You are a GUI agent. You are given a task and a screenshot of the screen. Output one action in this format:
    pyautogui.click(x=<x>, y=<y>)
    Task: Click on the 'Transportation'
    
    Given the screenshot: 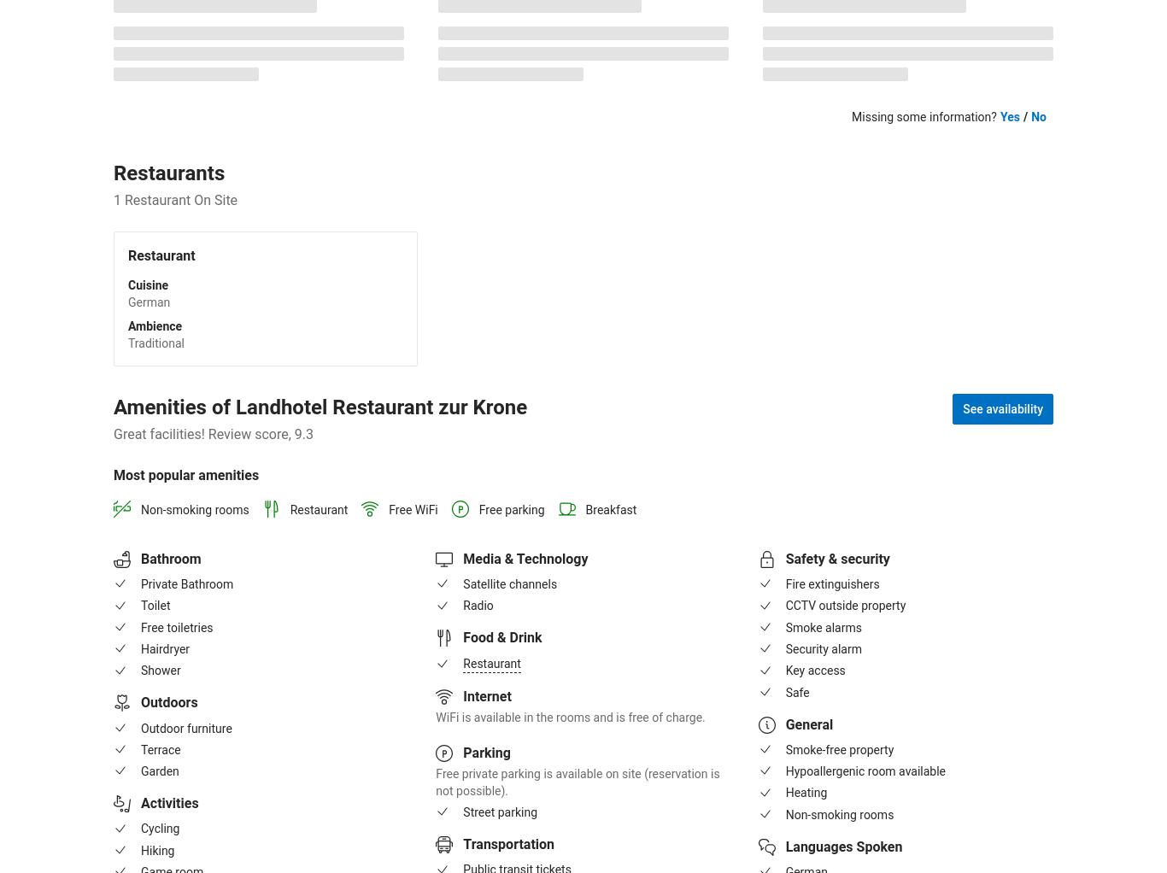 What is the action you would take?
    pyautogui.click(x=507, y=844)
    